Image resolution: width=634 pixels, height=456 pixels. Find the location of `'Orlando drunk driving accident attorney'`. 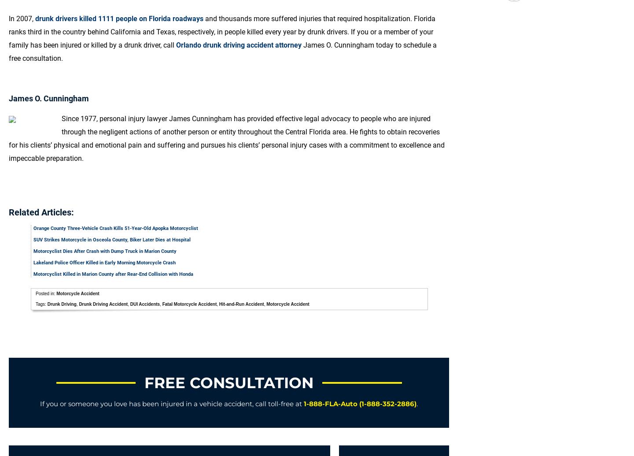

'Orlando drunk driving accident attorney' is located at coordinates (239, 45).